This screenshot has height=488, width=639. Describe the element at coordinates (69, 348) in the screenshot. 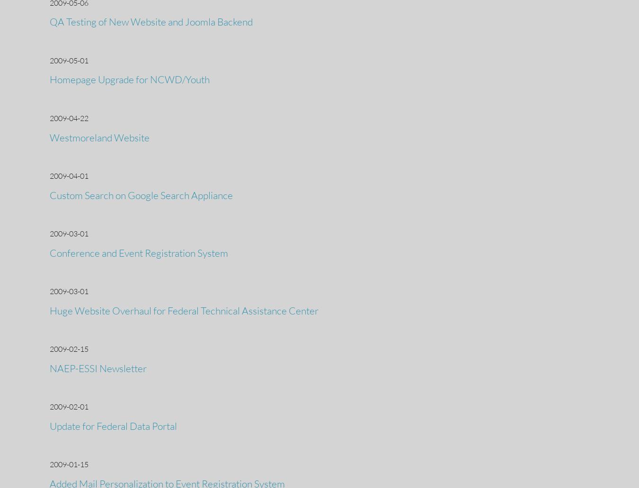

I see `'2009-02-15'` at that location.